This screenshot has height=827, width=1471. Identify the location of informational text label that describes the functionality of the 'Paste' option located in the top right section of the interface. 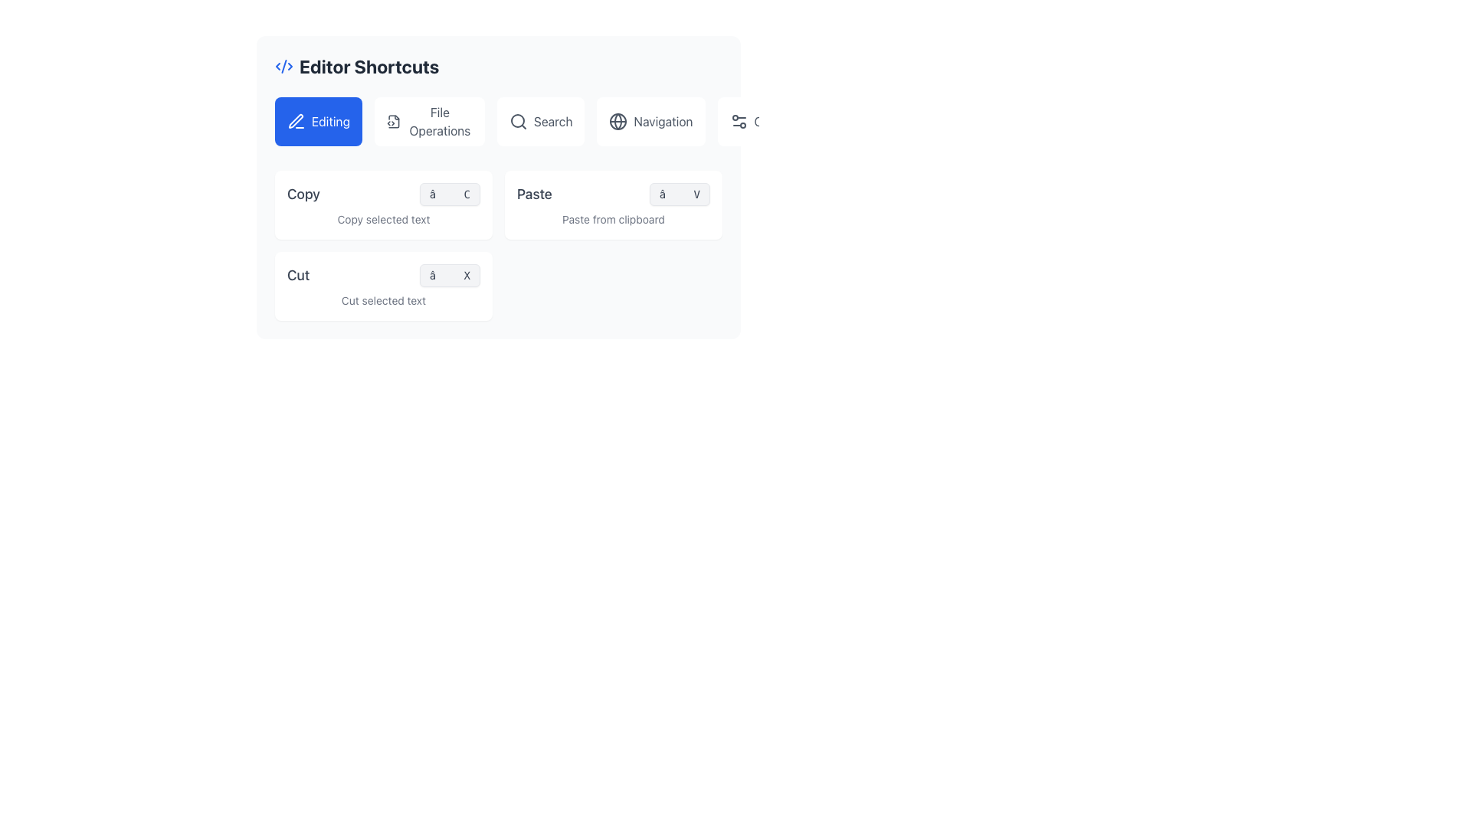
(614, 219).